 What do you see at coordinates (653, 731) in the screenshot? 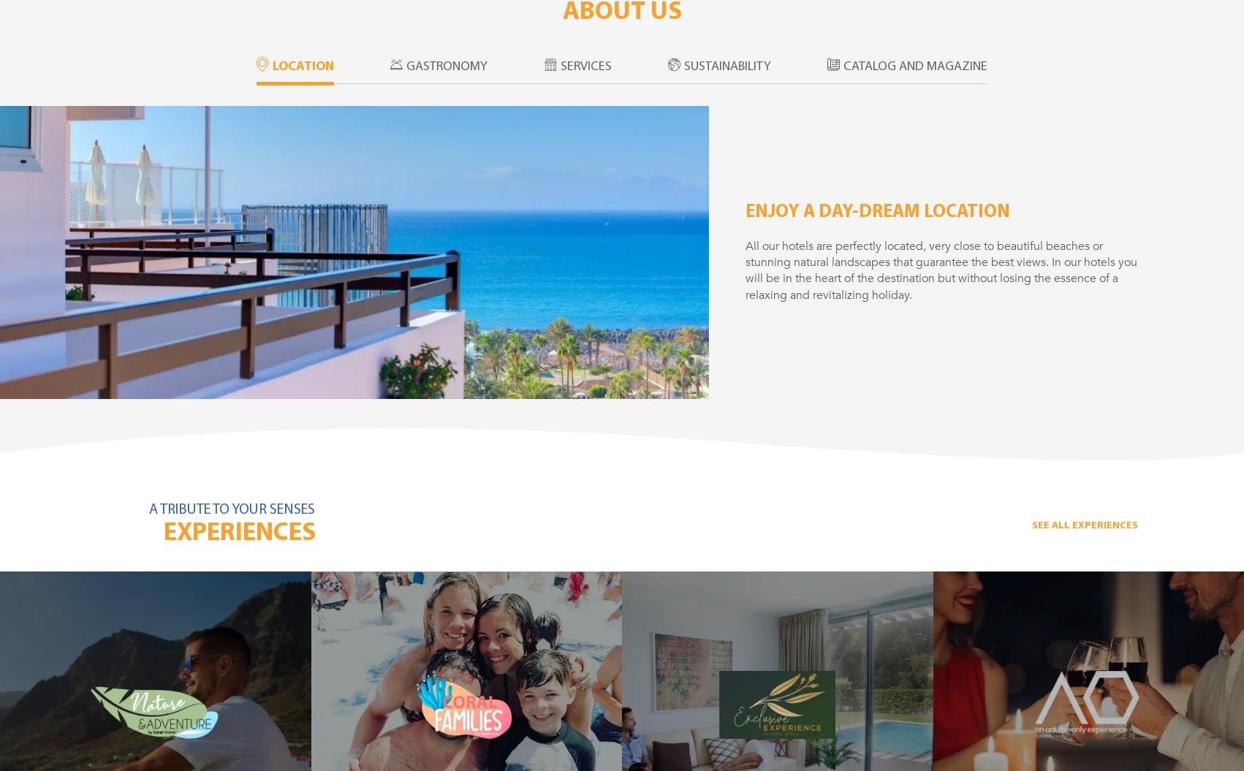
I see `'In Coral Villas La Quinta you will be able to relax and enjoy the sunshine in ...'` at bounding box center [653, 731].